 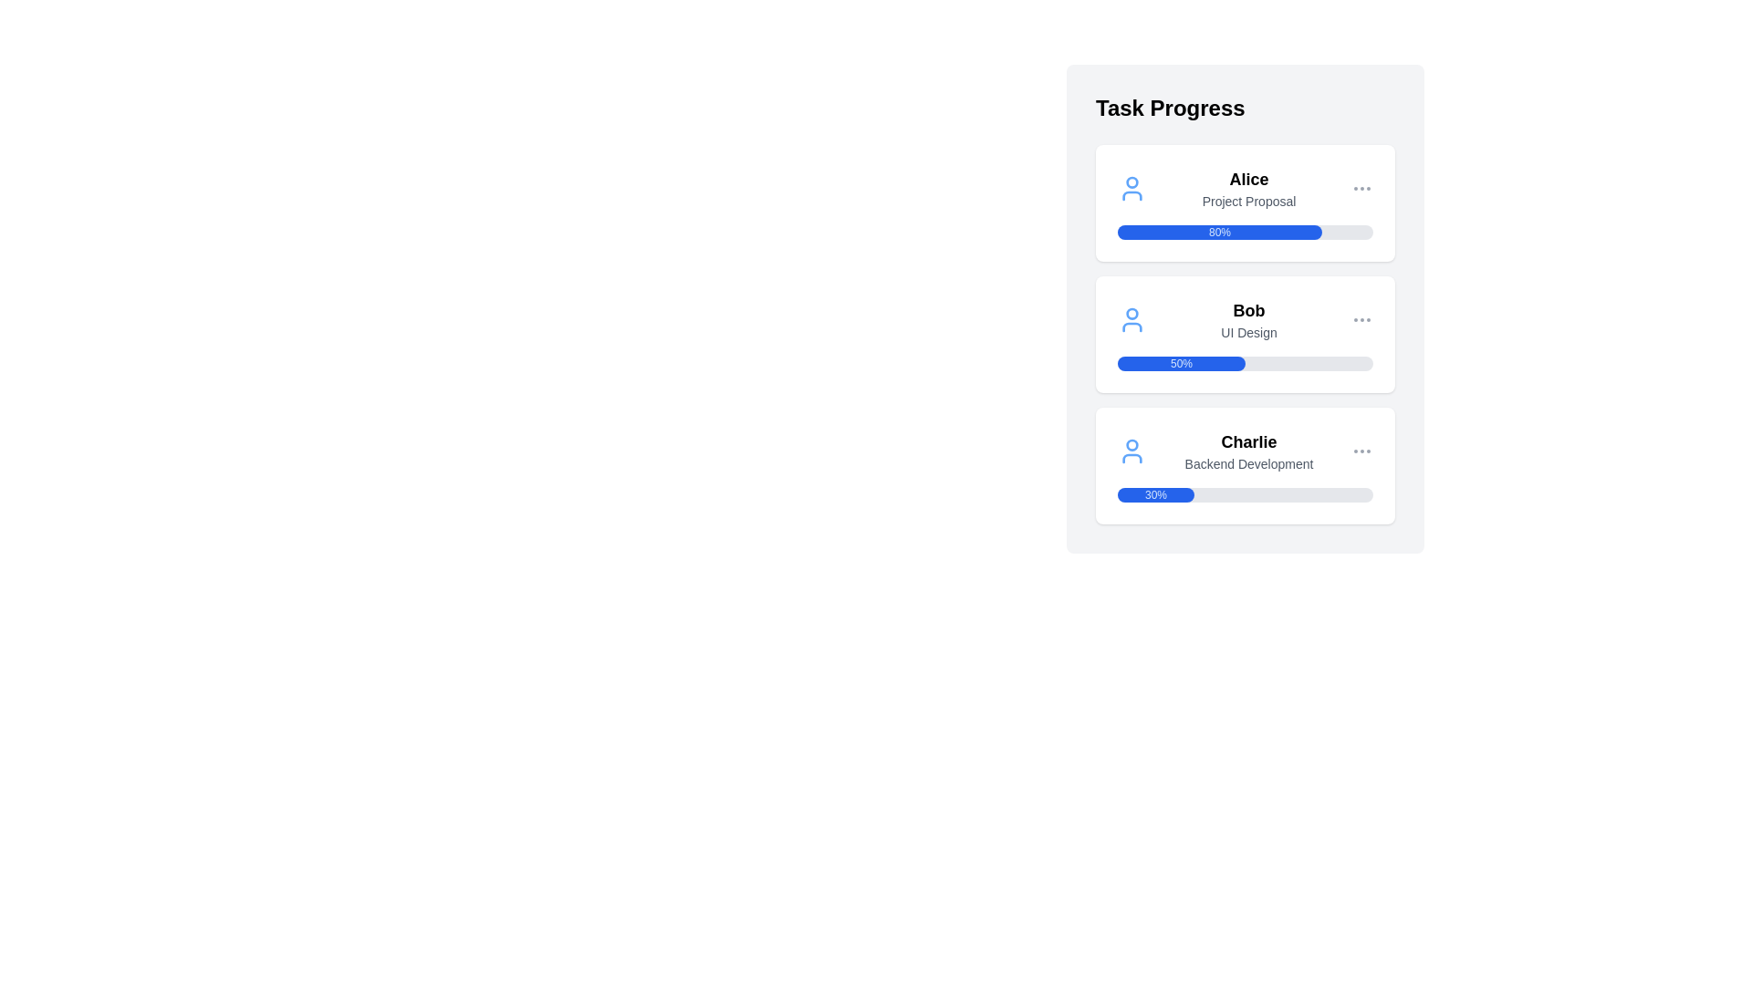 I want to click on the task entry for 'Alice' related to 'Project Proposal' located in the first section of the task progress list, directly below the title 'Task Progress', so click(x=1244, y=189).